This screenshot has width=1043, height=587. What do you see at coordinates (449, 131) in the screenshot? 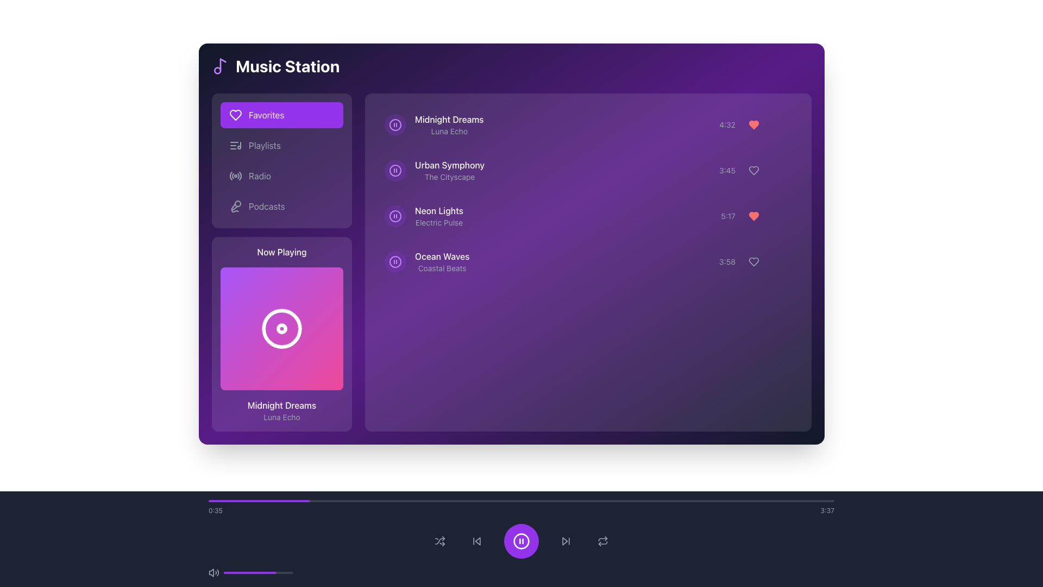
I see `the text label that serves as a subtitle for the song title 'Midnight Dreams', positioned in the top-right section of the song list` at bounding box center [449, 131].